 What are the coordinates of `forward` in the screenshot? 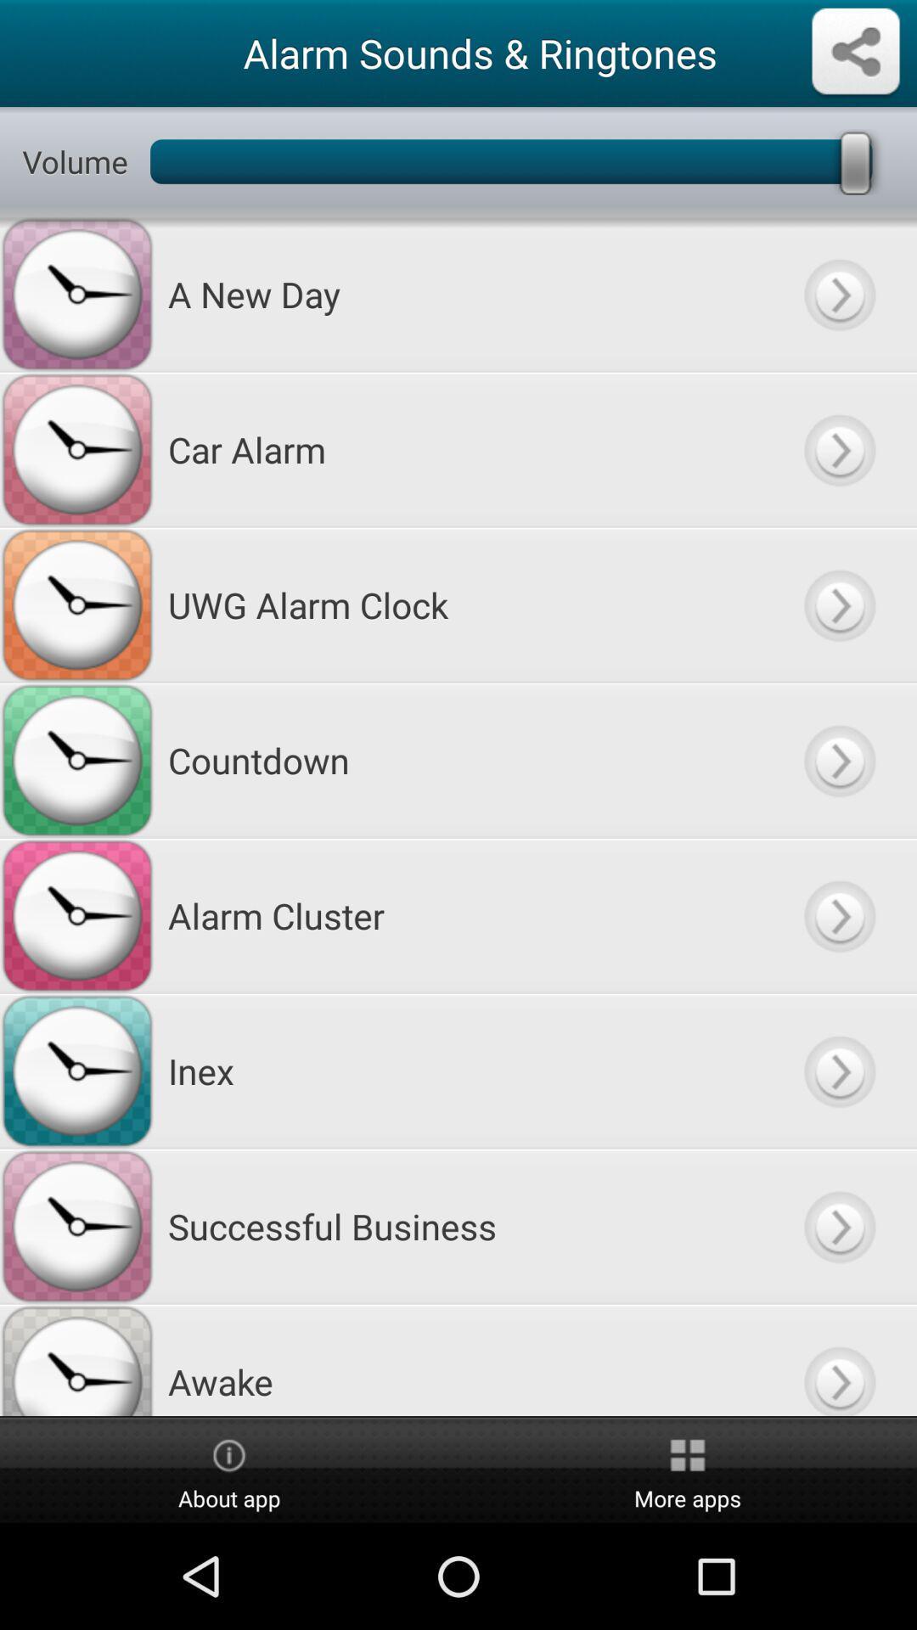 It's located at (838, 1070).